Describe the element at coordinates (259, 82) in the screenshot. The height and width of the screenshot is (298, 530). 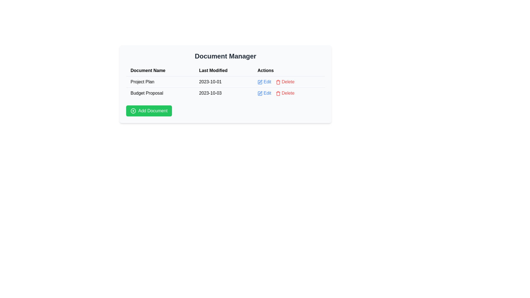
I see `the 'Edit' icon located in the first row of the 'Actions' column of the table` at that location.